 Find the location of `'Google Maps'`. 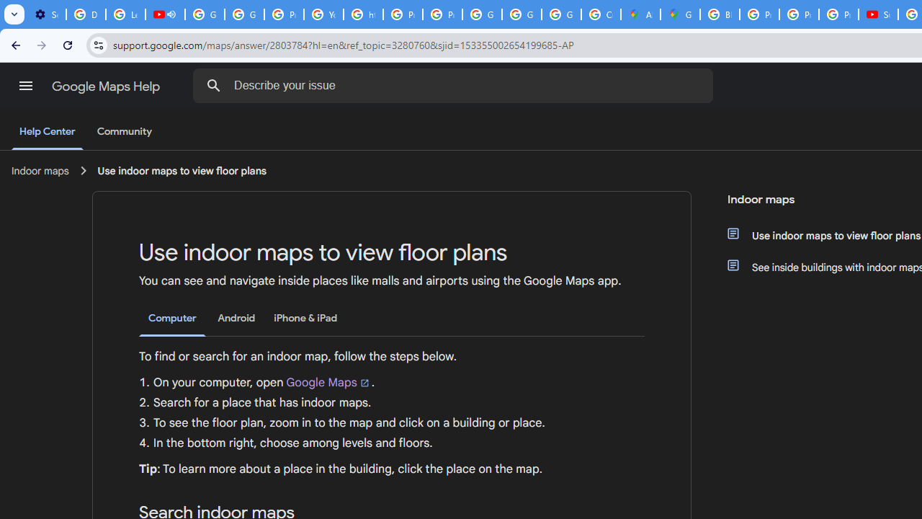

'Google Maps' is located at coordinates (328, 382).